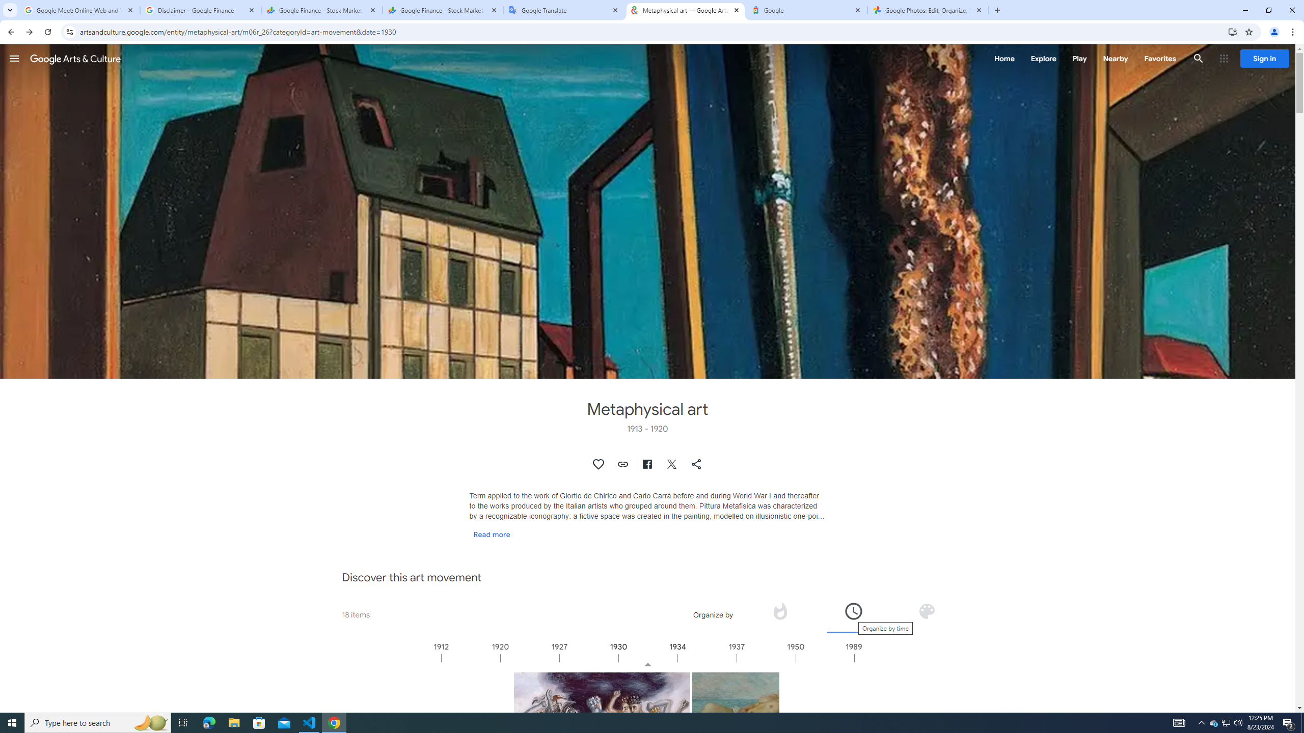 The height and width of the screenshot is (733, 1304). What do you see at coordinates (1003, 58) in the screenshot?
I see `'Home'` at bounding box center [1003, 58].